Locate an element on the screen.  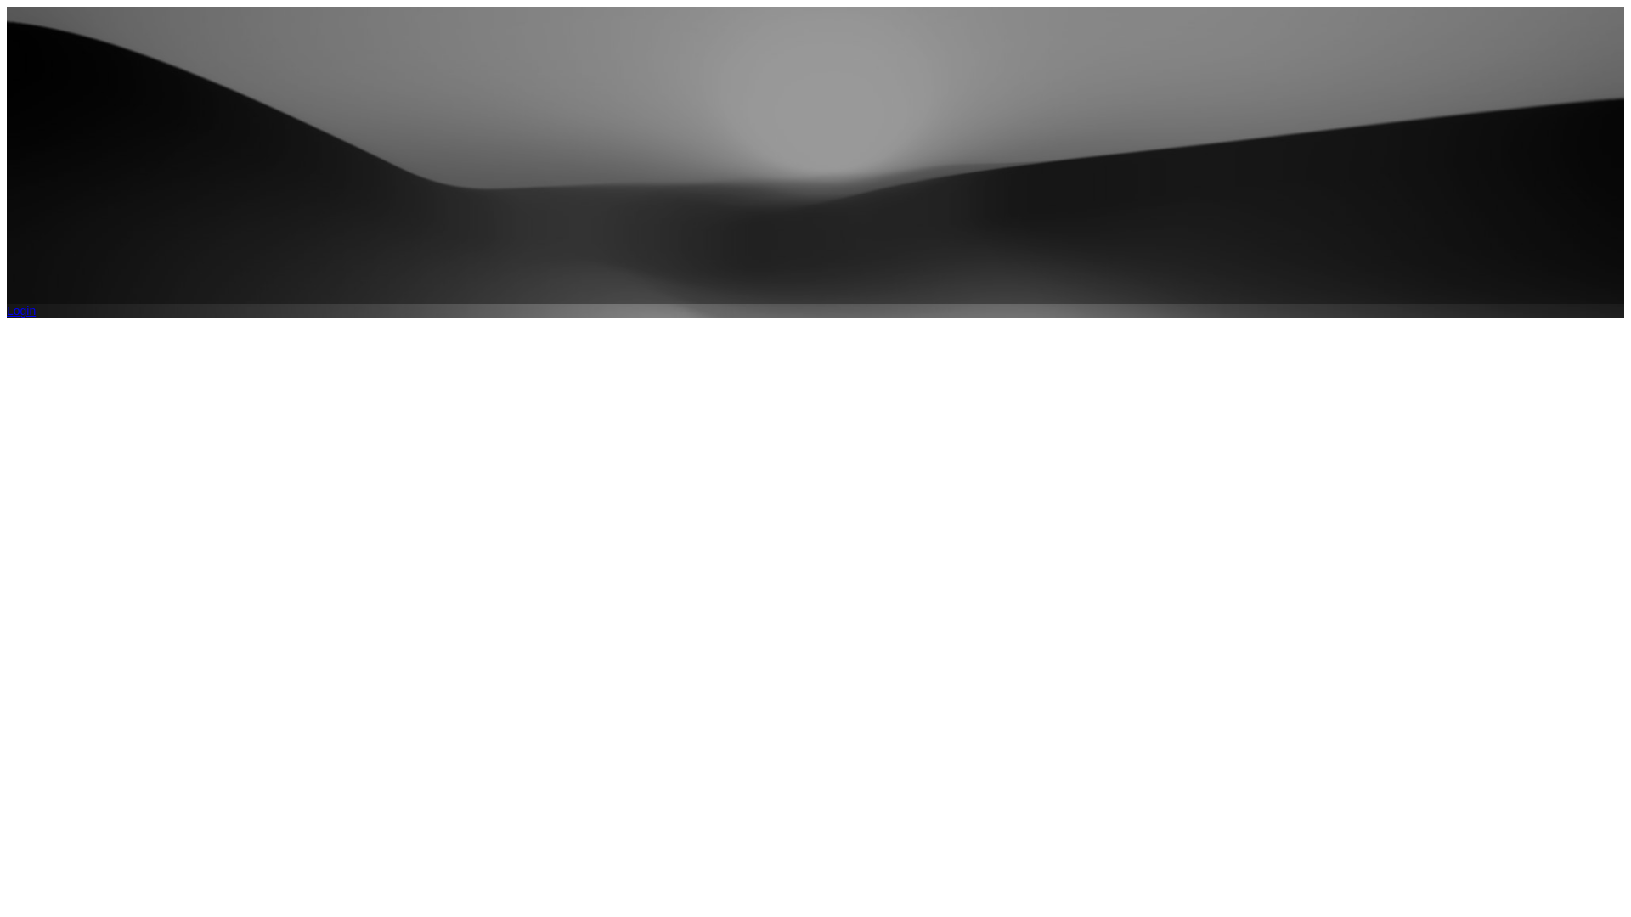
'Login' is located at coordinates (7, 311).